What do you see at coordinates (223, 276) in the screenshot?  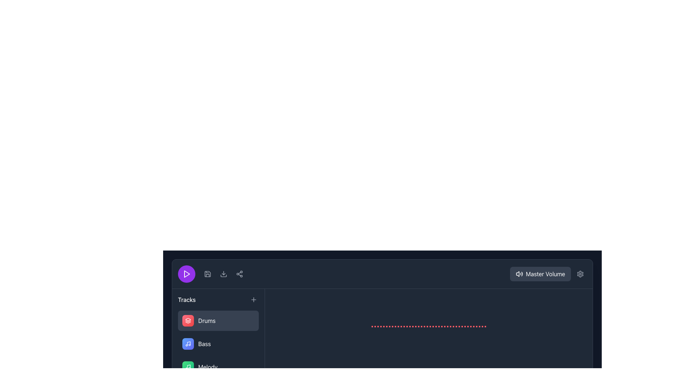 I see `the decorative SVG element representing the download concept, located at the bottom part of the icon group in the upper-right section of the application pane` at bounding box center [223, 276].